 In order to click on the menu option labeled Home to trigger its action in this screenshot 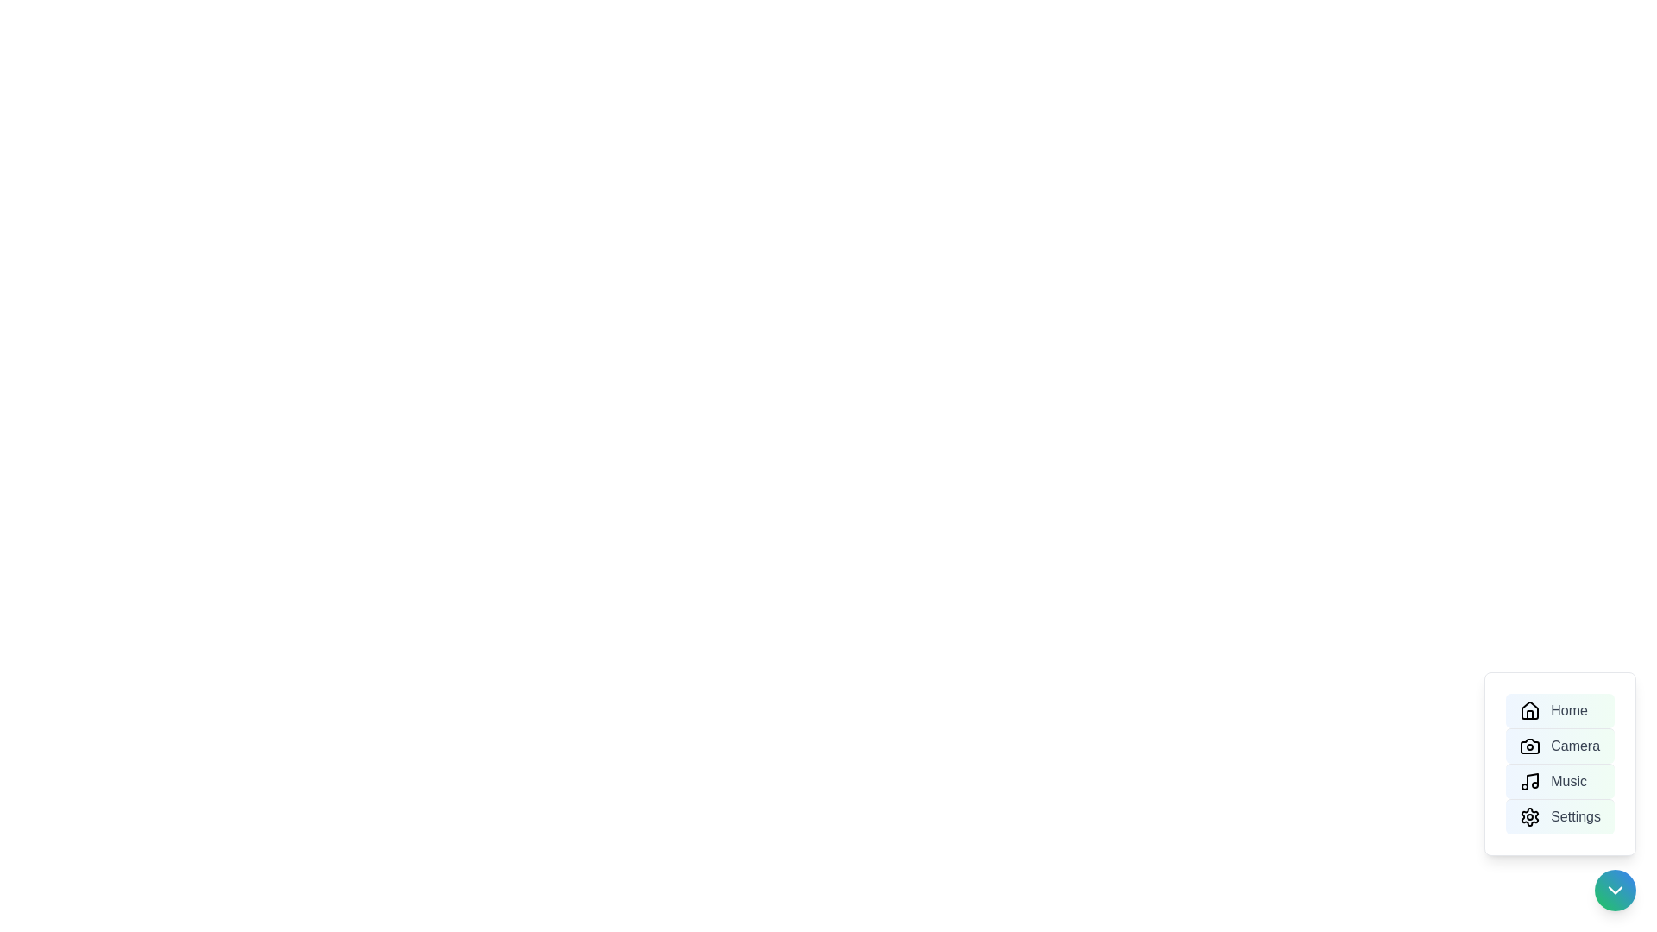, I will do `click(1560, 711)`.